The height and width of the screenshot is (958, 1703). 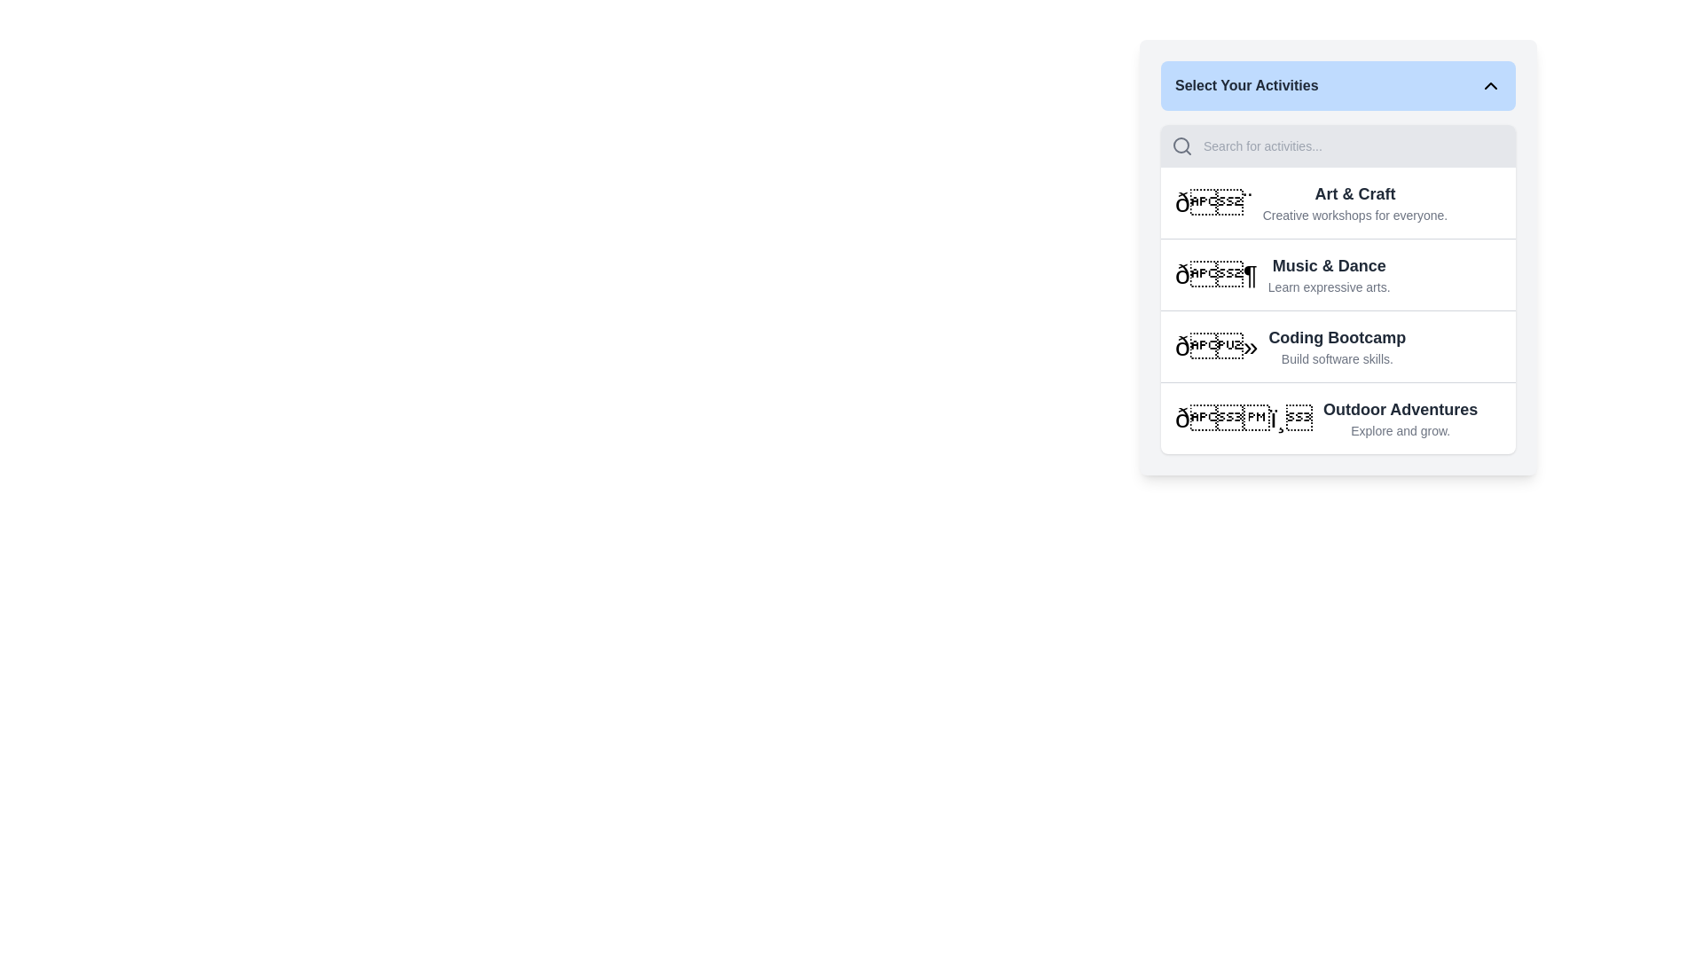 I want to click on the 'Music & Dance' option in the list, so click(x=1328, y=274).